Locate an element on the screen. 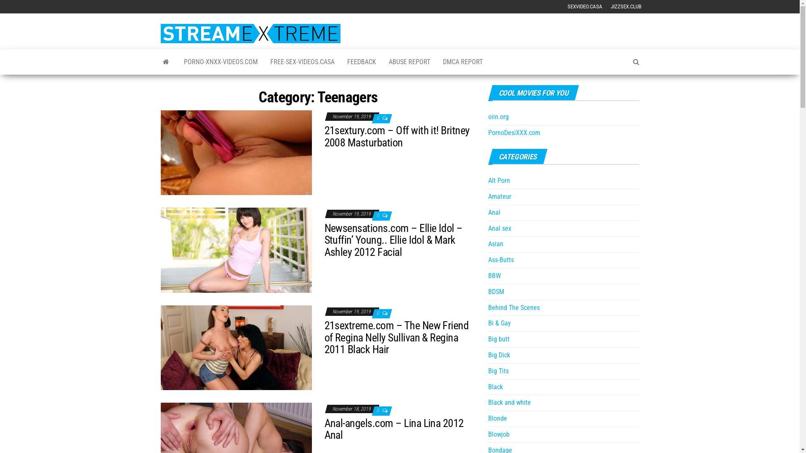  'Anal sex' is located at coordinates (487, 228).